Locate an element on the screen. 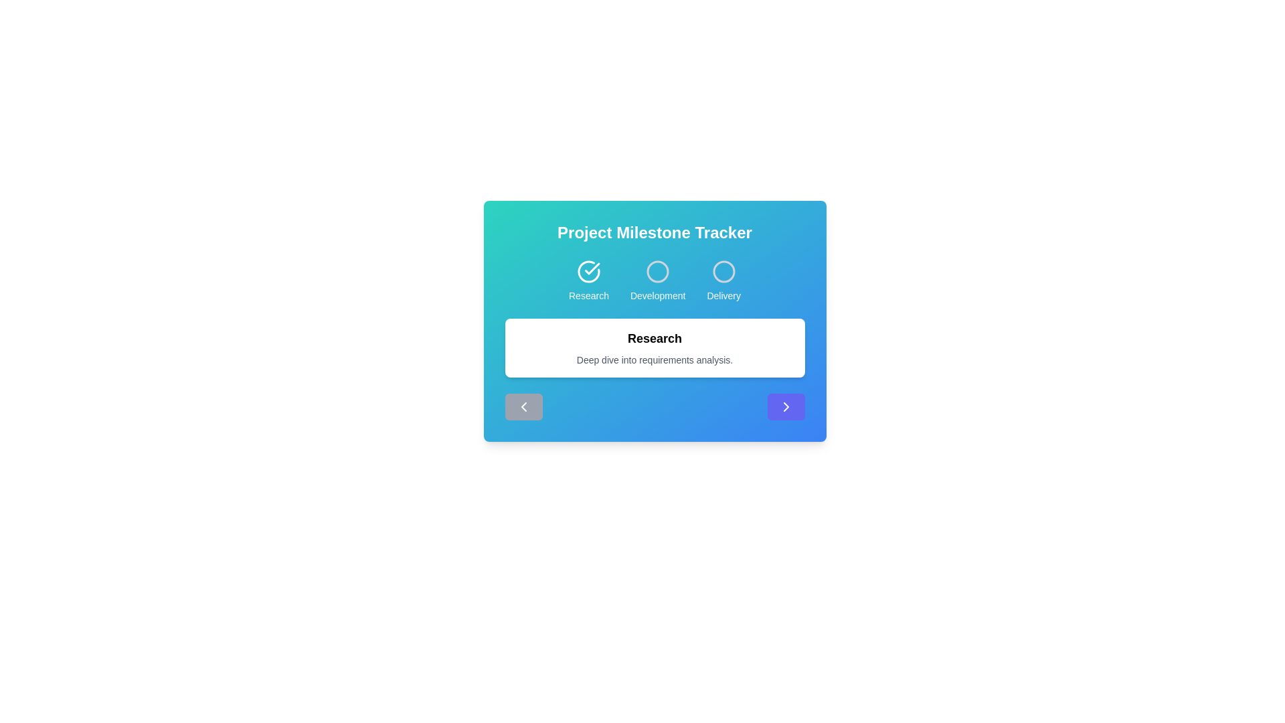  the inner circle of the second icon labeled 'Development' in the 'Project Milestone Tracker' section is located at coordinates (658, 271).